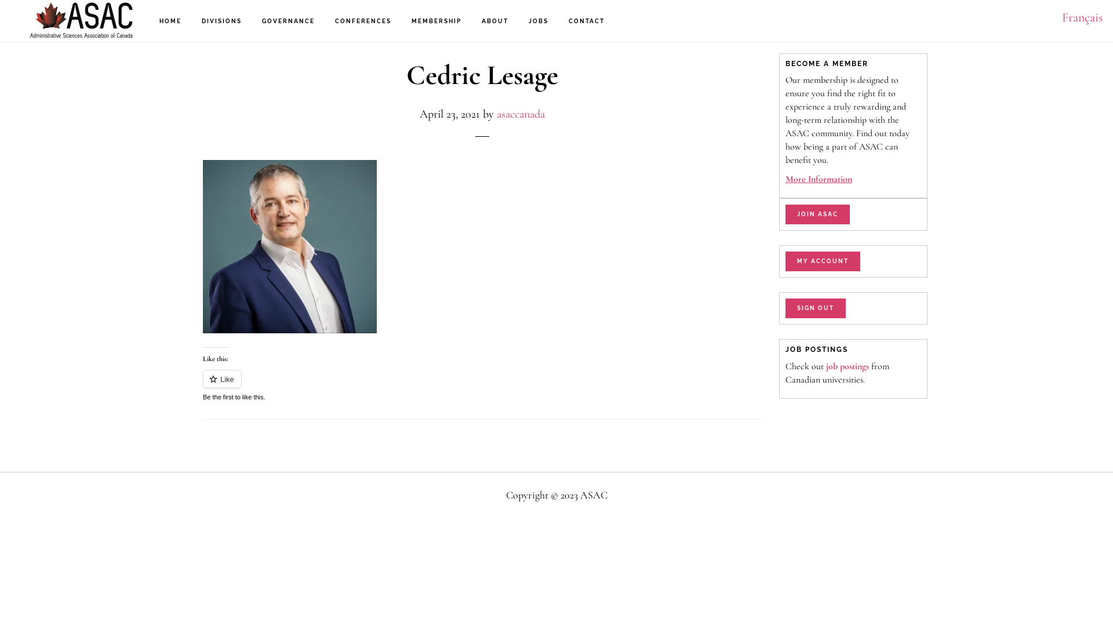 Image resolution: width=1113 pixels, height=626 pixels. What do you see at coordinates (288, 21) in the screenshot?
I see `'GOVERNANCE'` at bounding box center [288, 21].